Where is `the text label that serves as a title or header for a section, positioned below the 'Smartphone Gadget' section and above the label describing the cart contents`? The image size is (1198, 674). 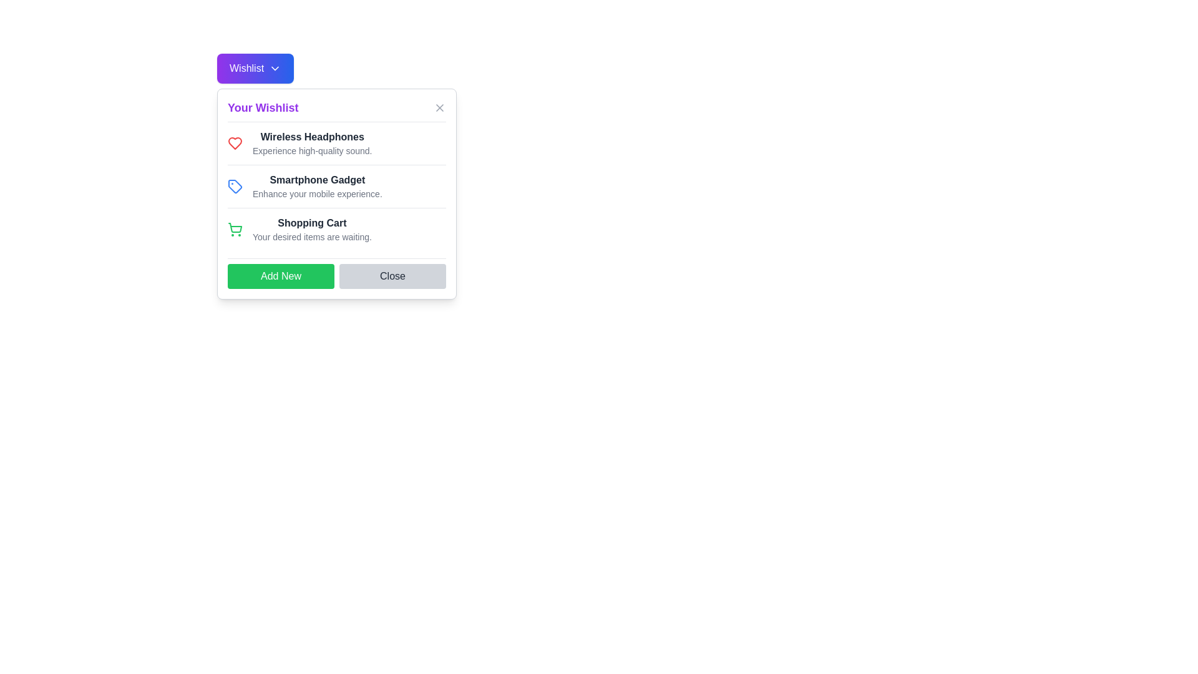
the text label that serves as a title or header for a section, positioned below the 'Smartphone Gadget' section and above the label describing the cart contents is located at coordinates (312, 223).